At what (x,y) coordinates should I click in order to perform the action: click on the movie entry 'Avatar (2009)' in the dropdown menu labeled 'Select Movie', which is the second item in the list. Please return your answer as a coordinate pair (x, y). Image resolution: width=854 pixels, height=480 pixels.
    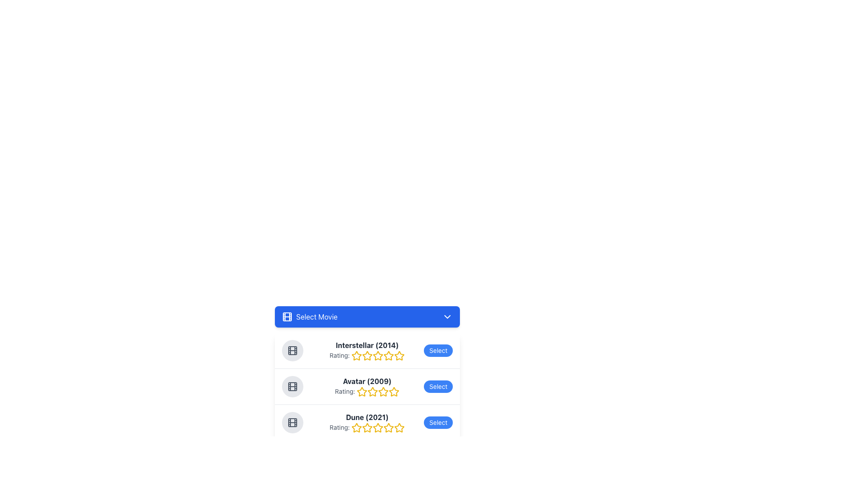
    Looking at the image, I should click on (367, 373).